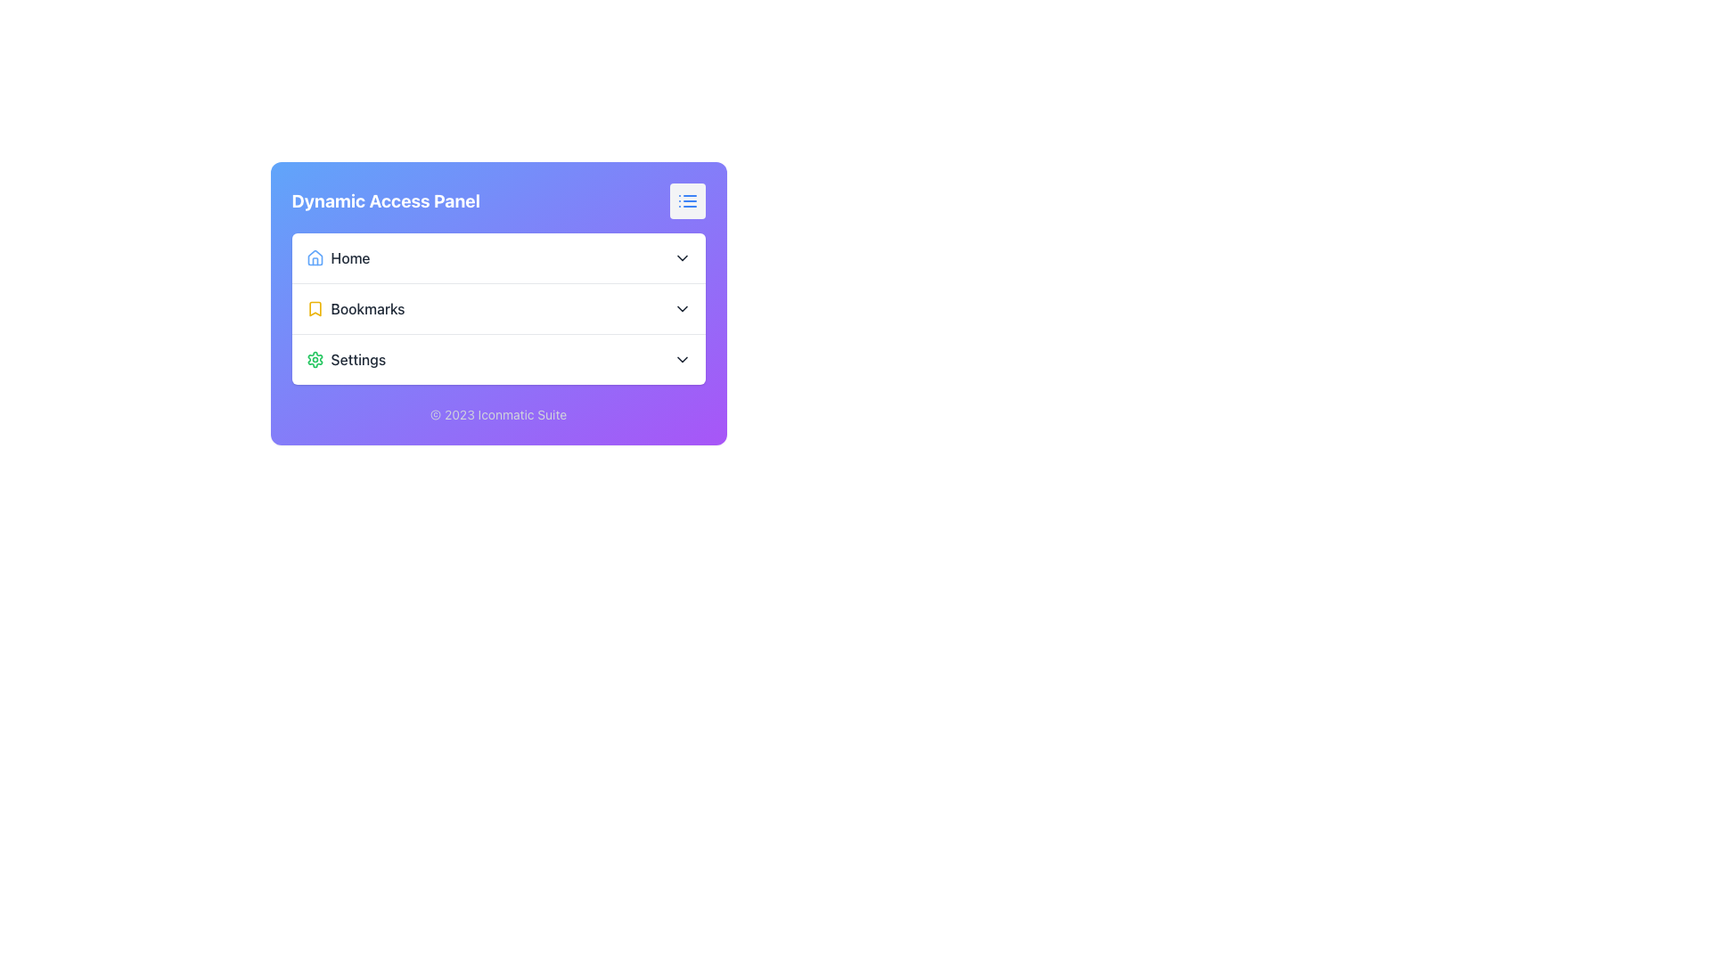 The height and width of the screenshot is (962, 1711). Describe the element at coordinates (686, 200) in the screenshot. I see `the list/menu icon, which is a blue icon with three horizontal lines located at the top-right corner of the 'Dynamic Access Panel' on the gray background` at that location.